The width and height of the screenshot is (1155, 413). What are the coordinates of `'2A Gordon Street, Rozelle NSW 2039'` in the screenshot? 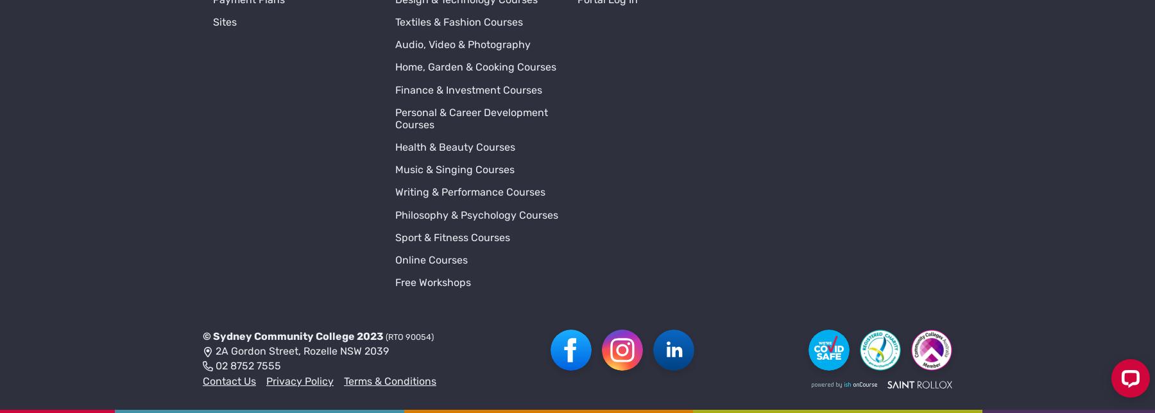 It's located at (302, 171).